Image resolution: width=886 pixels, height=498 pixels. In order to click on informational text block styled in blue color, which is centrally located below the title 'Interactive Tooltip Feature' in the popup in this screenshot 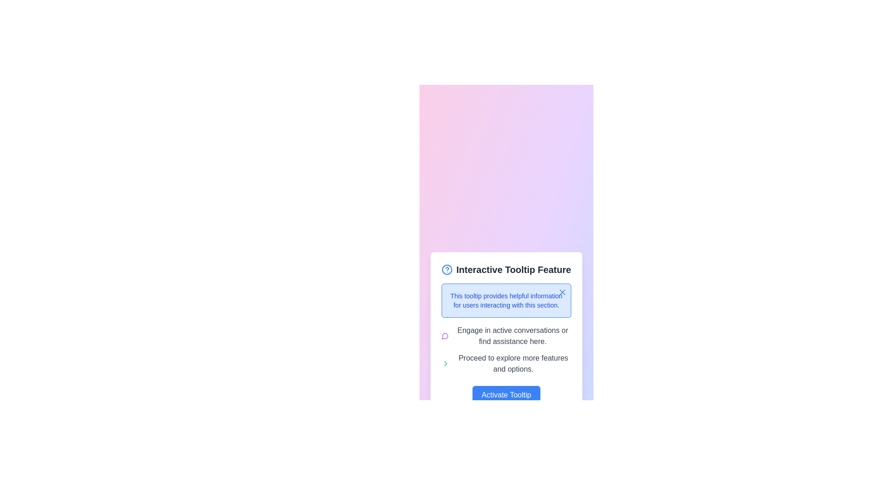, I will do `click(506, 300)`.